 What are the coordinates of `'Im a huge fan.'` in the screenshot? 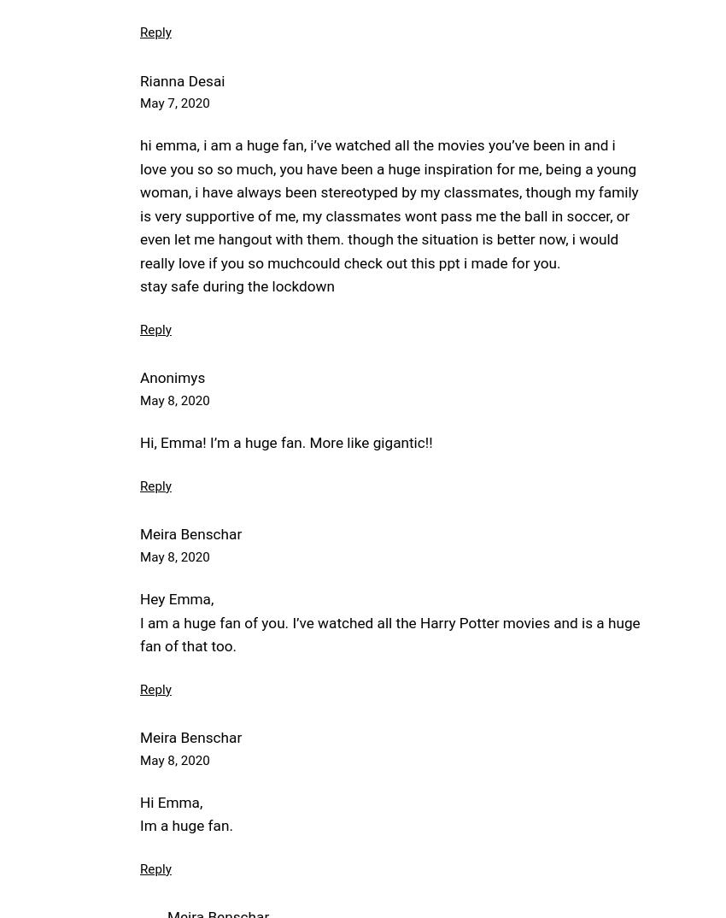 It's located at (139, 825).